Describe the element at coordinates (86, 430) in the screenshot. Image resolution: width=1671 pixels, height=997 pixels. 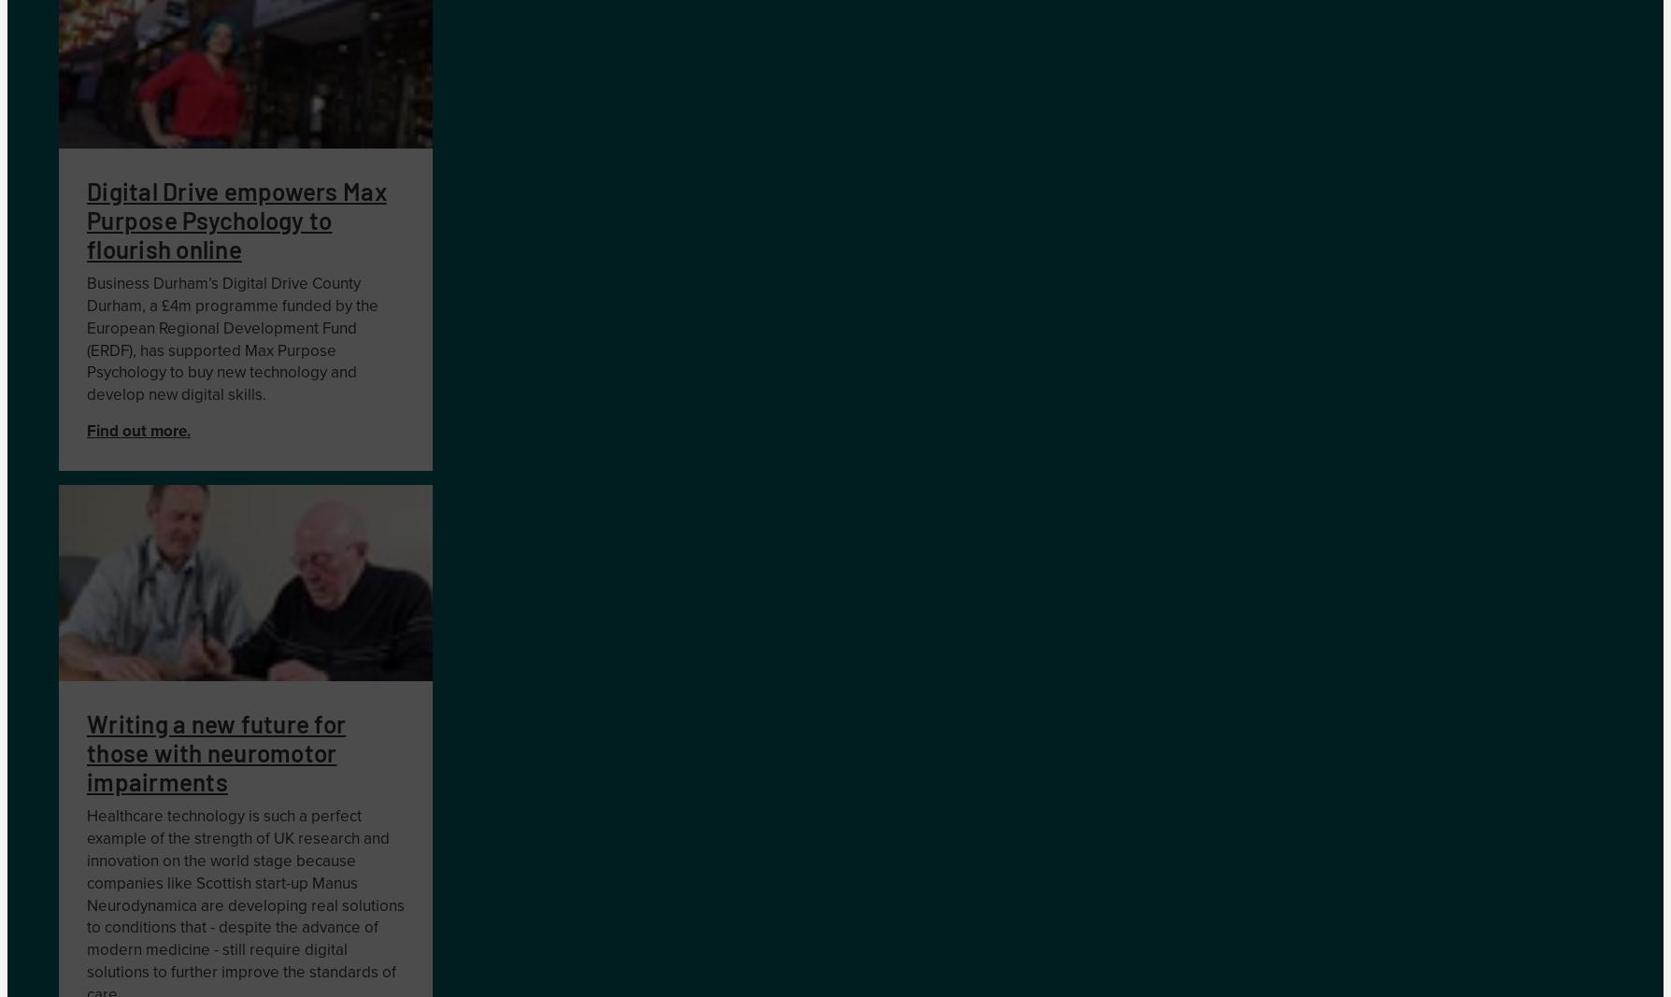
I see `'Find out more.'` at that location.